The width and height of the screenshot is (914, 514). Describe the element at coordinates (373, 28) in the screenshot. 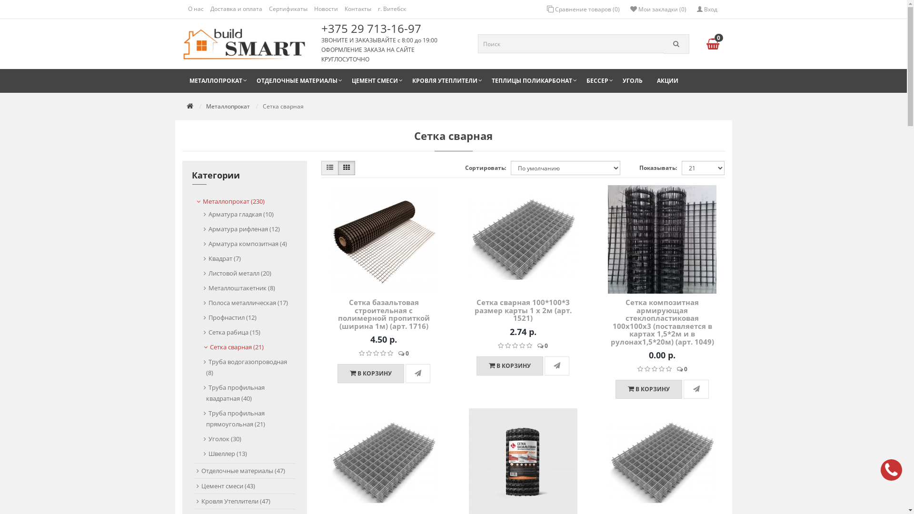

I see `'+375 29 713-16-97'` at that location.